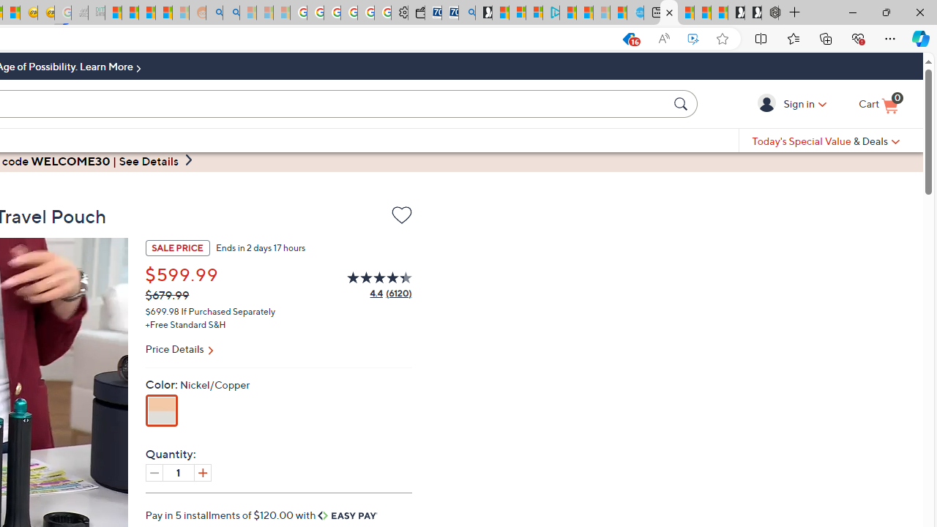 The image size is (937, 527). I want to click on 'If Purchased Separately', so click(228, 310).